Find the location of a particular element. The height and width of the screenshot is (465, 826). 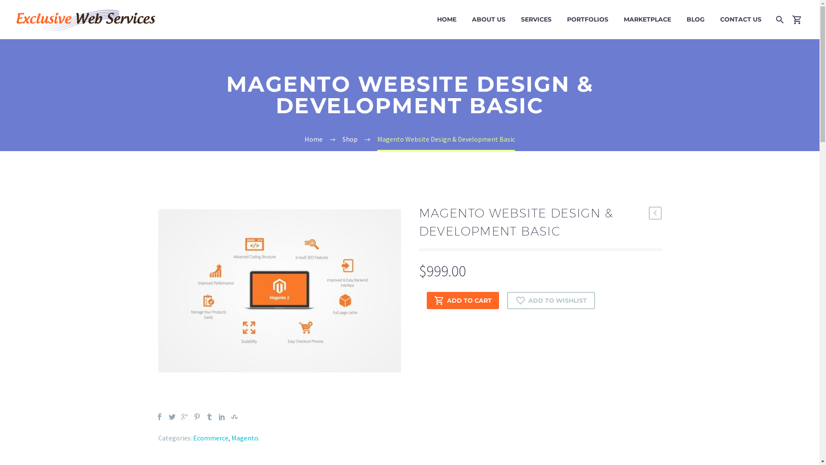

'LinkedIn' is located at coordinates (222, 416).